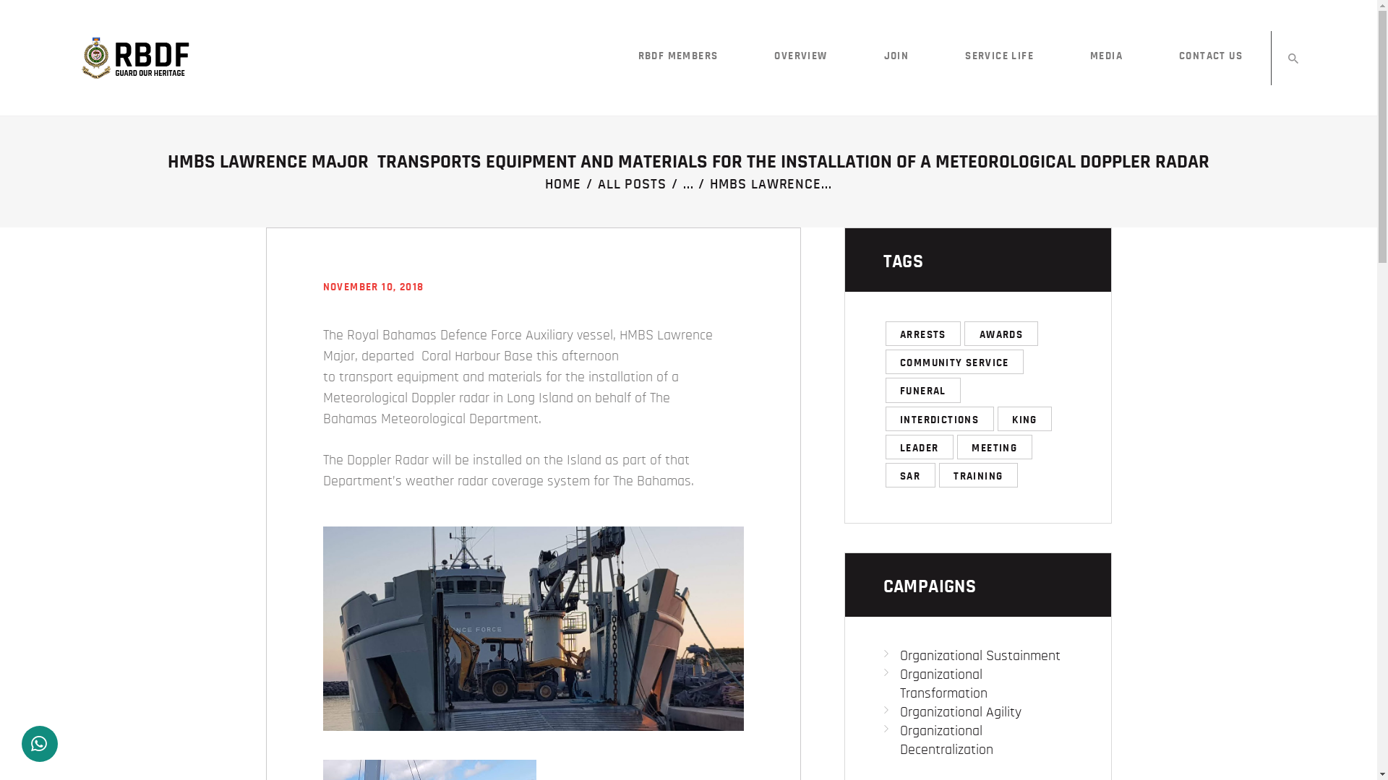 Image resolution: width=1388 pixels, height=780 pixels. Describe the element at coordinates (1105, 56) in the screenshot. I see `'MEDIA'` at that location.